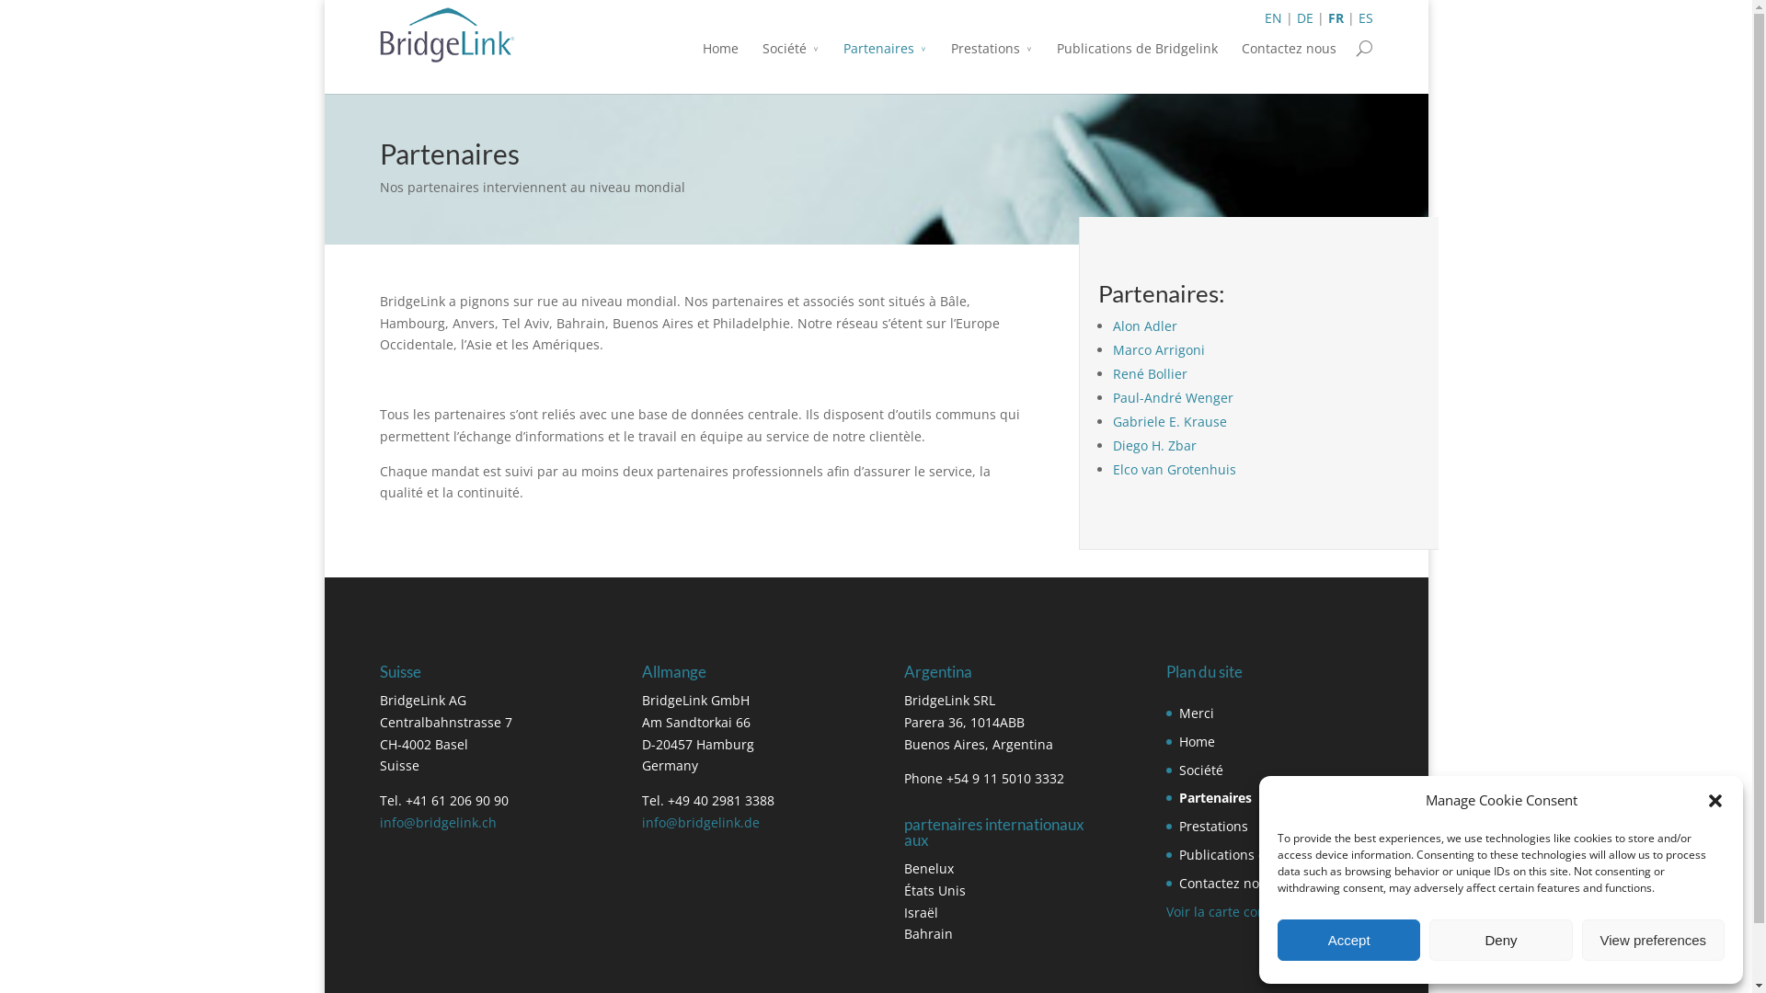 The height and width of the screenshot is (993, 1766). Describe the element at coordinates (1196, 712) in the screenshot. I see `'Merci'` at that location.